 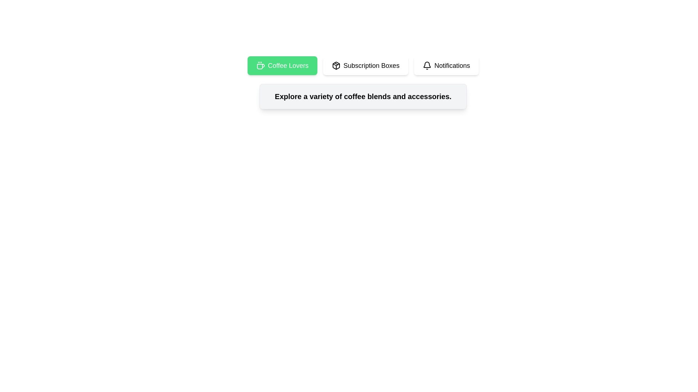 What do you see at coordinates (371, 66) in the screenshot?
I see `the 'Subscription Boxes' text label within the button located in the navigation bar` at bounding box center [371, 66].